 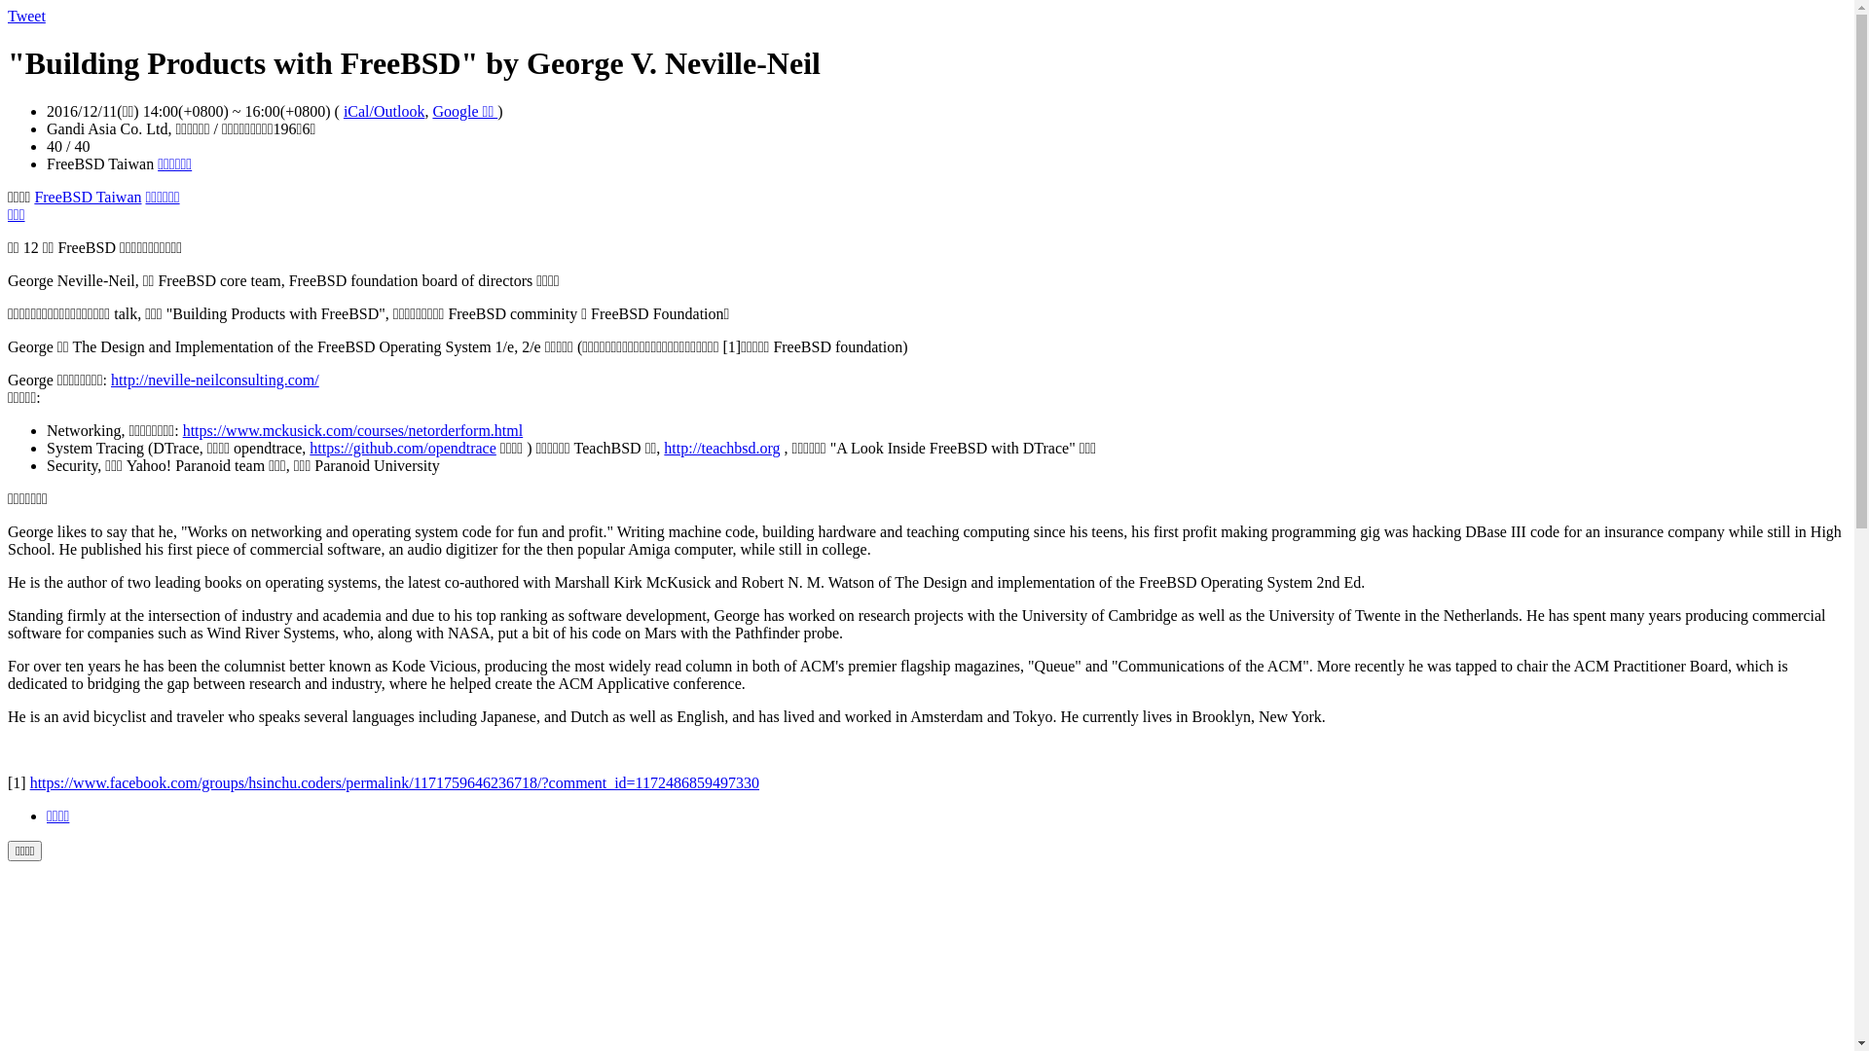 What do you see at coordinates (353, 429) in the screenshot?
I see `'https://www.mckusick.com/courses/netorderform.html'` at bounding box center [353, 429].